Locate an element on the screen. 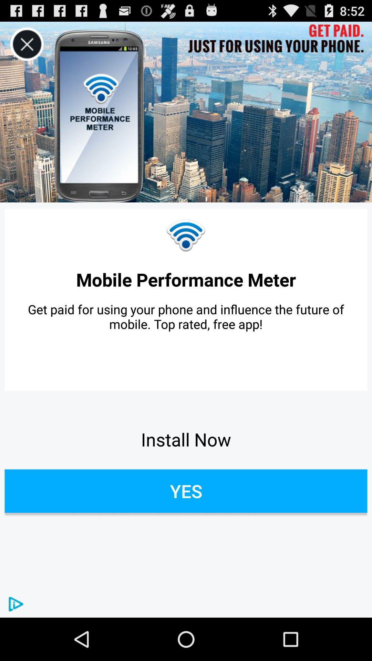 The image size is (372, 661). the install now item is located at coordinates (186, 439).